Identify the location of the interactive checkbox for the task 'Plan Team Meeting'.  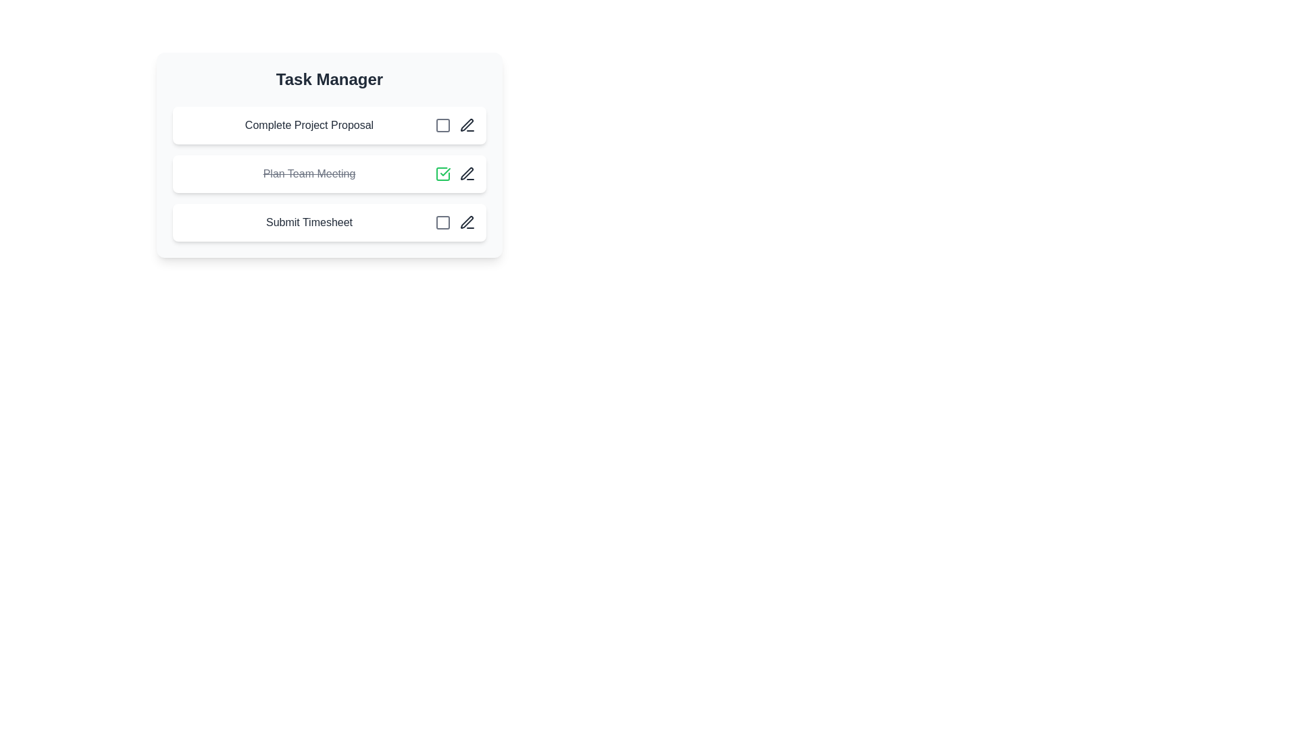
(443, 173).